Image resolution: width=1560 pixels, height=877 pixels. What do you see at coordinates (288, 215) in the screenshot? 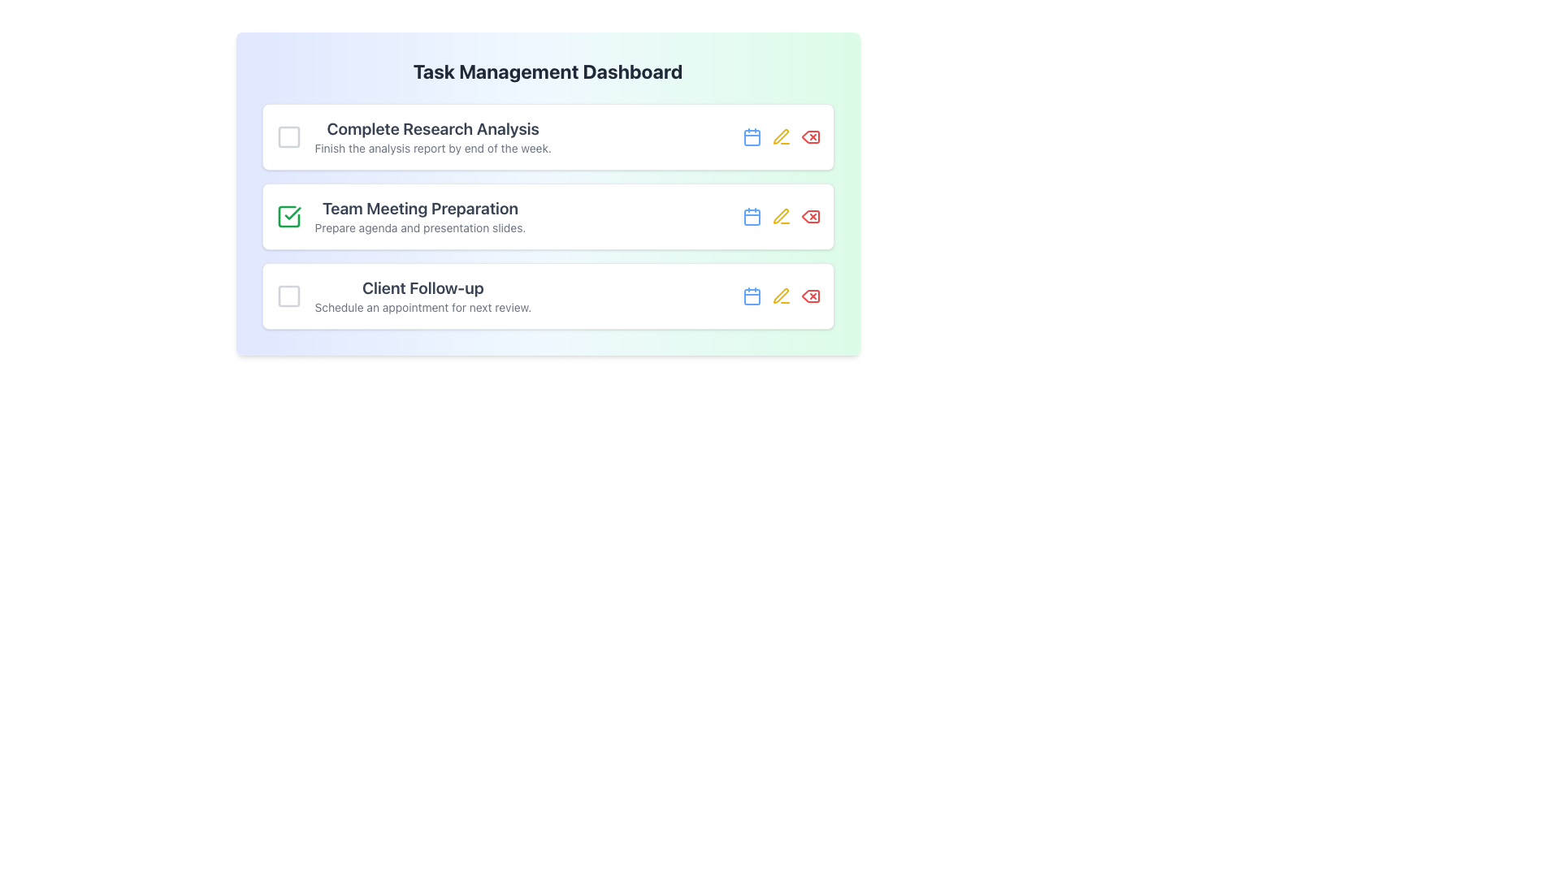
I see `the display-only Checkbox indicating task completion for 'Team Meeting Preparation' located at the top left of the task card` at bounding box center [288, 215].